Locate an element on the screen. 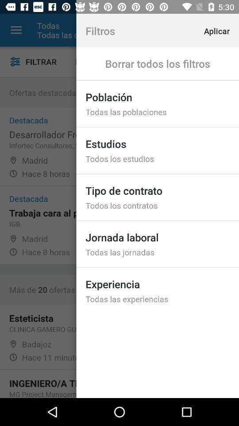  the item to the left of the todas icon is located at coordinates (16, 30).